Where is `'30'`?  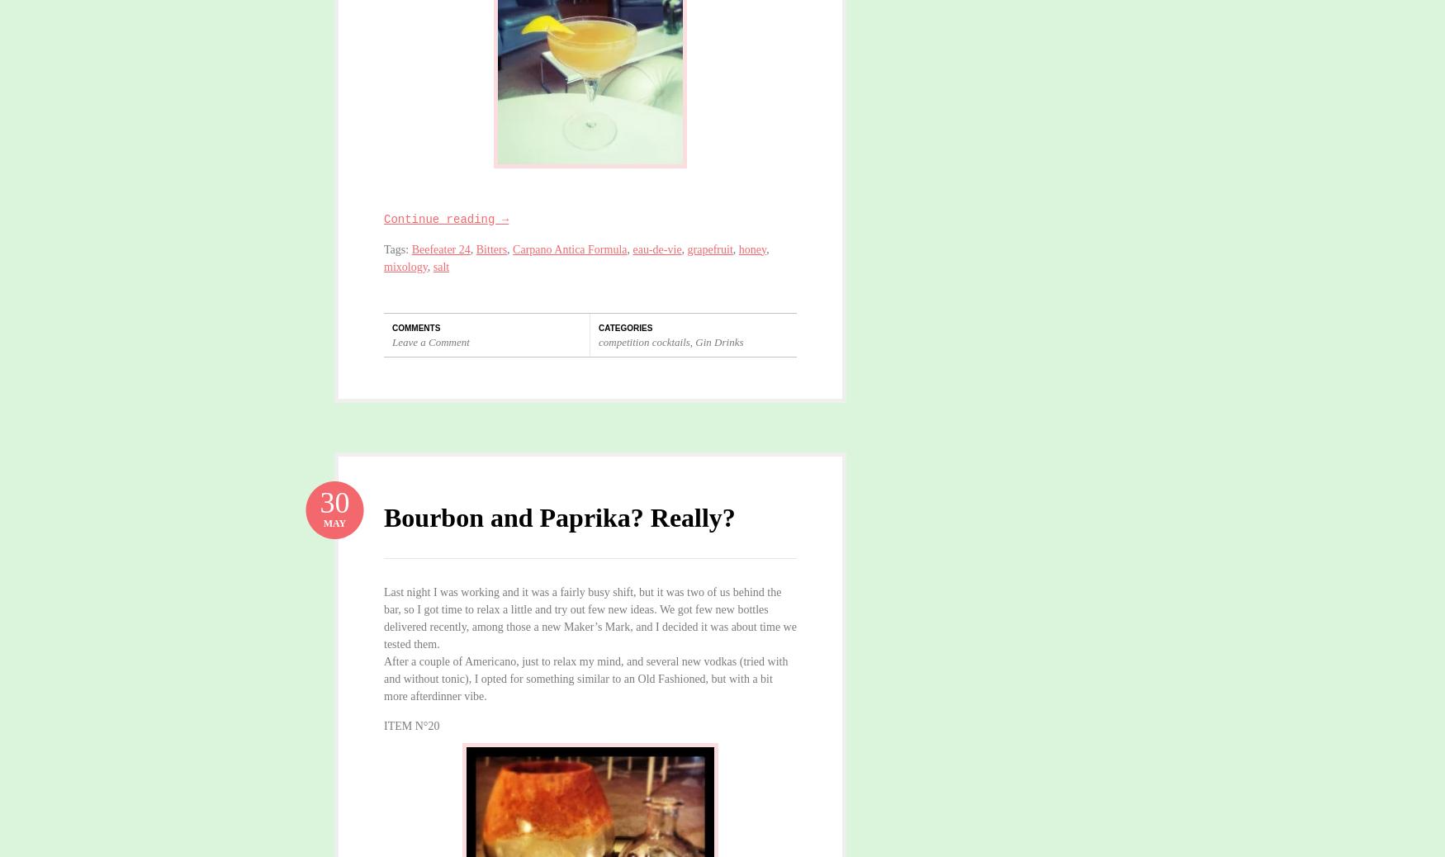
'30' is located at coordinates (318, 501).